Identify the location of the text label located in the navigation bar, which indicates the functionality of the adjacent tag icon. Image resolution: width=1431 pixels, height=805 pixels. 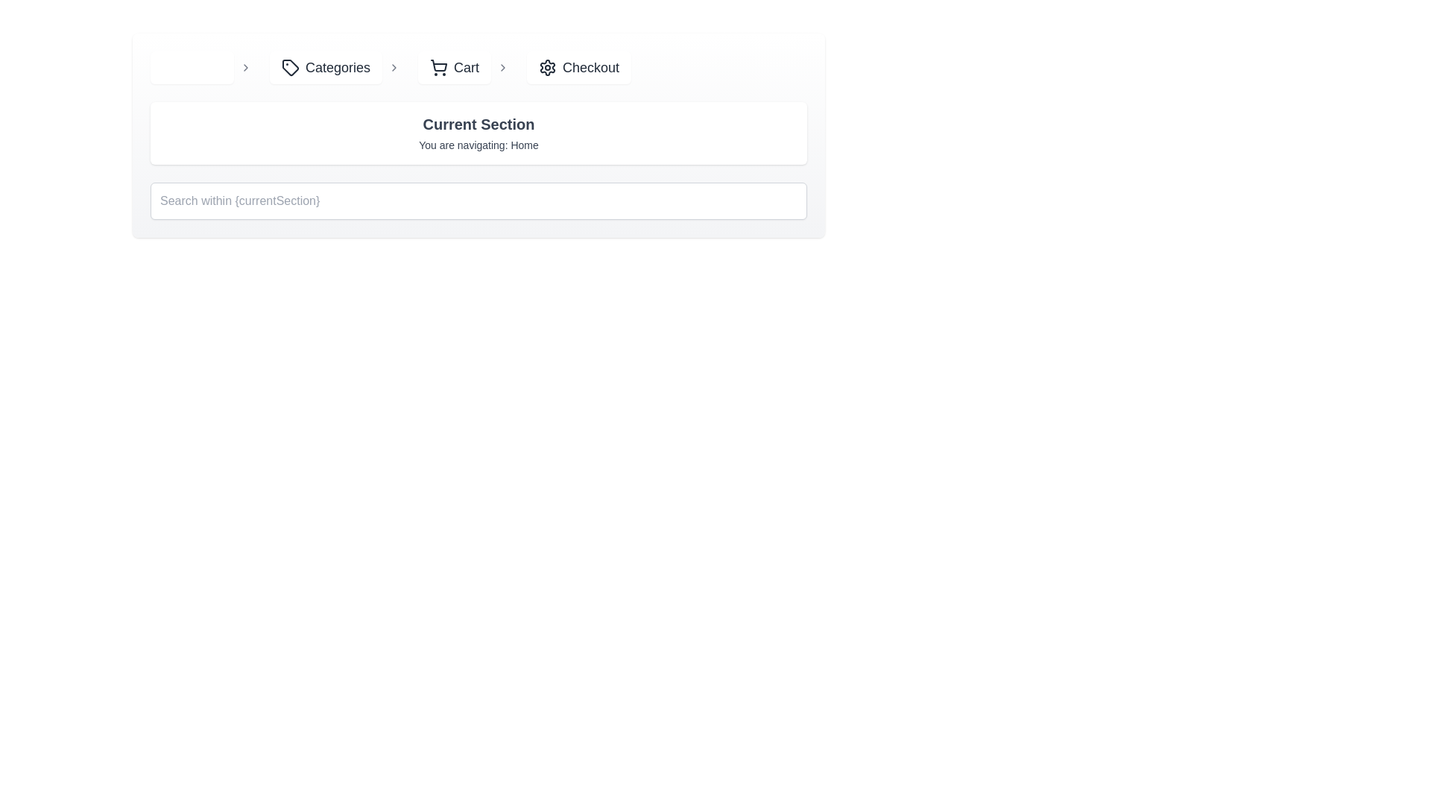
(337, 68).